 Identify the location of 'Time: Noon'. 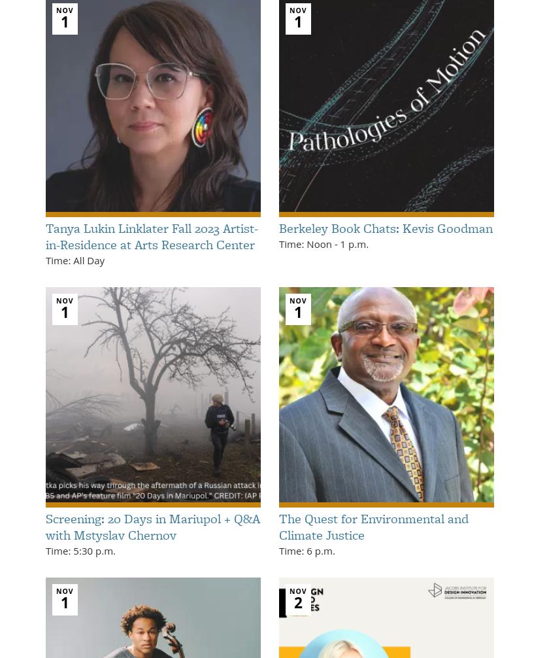
(306, 243).